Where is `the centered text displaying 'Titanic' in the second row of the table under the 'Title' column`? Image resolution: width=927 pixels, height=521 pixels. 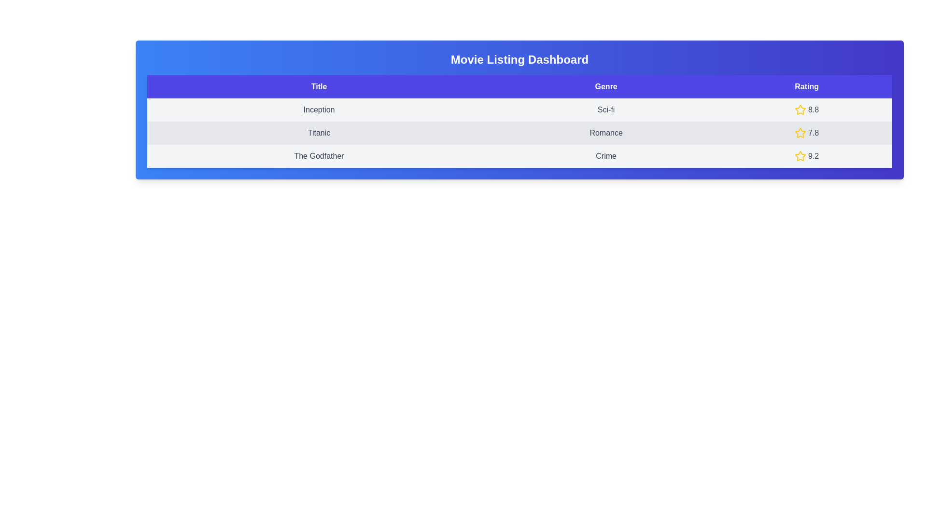 the centered text displaying 'Titanic' in the second row of the table under the 'Title' column is located at coordinates (319, 133).